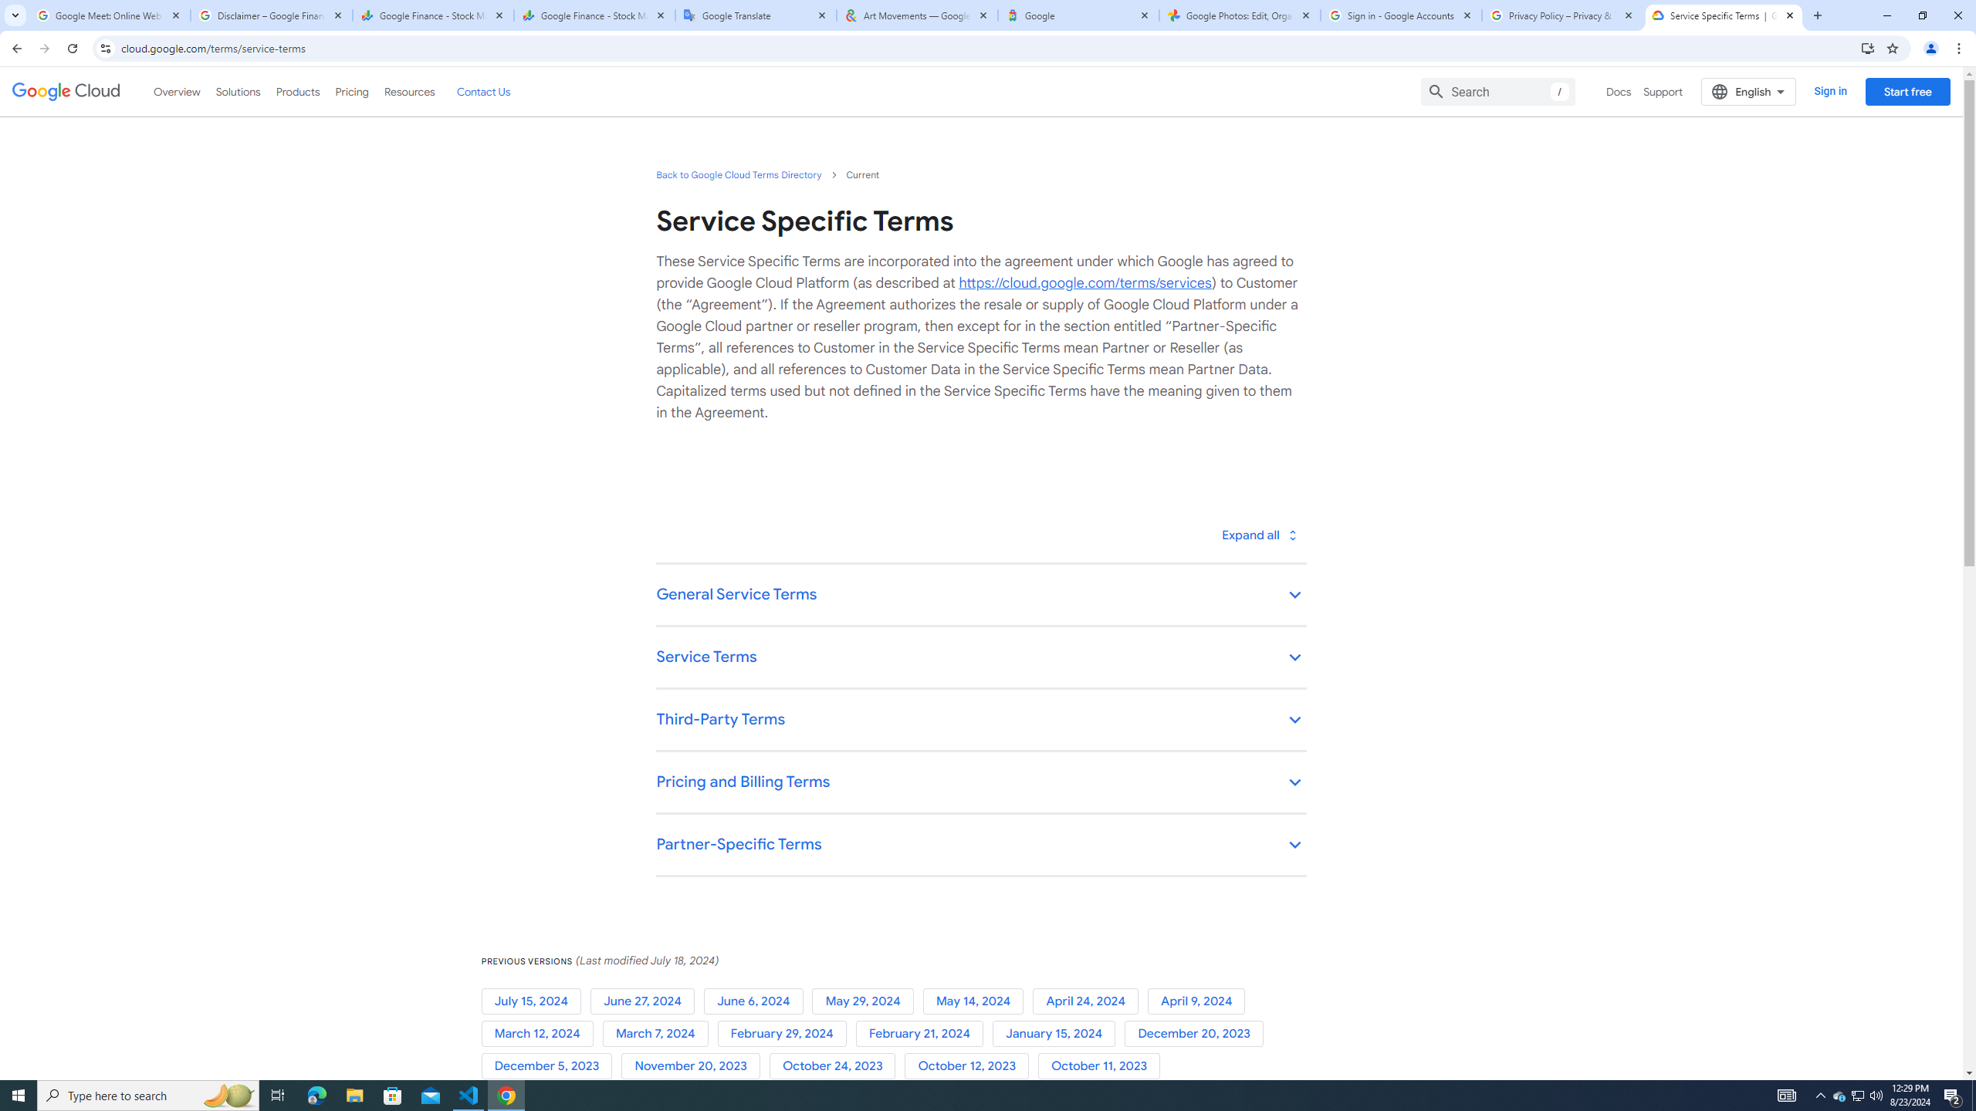 The width and height of the screenshot is (1976, 1111). Describe the element at coordinates (1078, 15) in the screenshot. I see `'Google'` at that location.